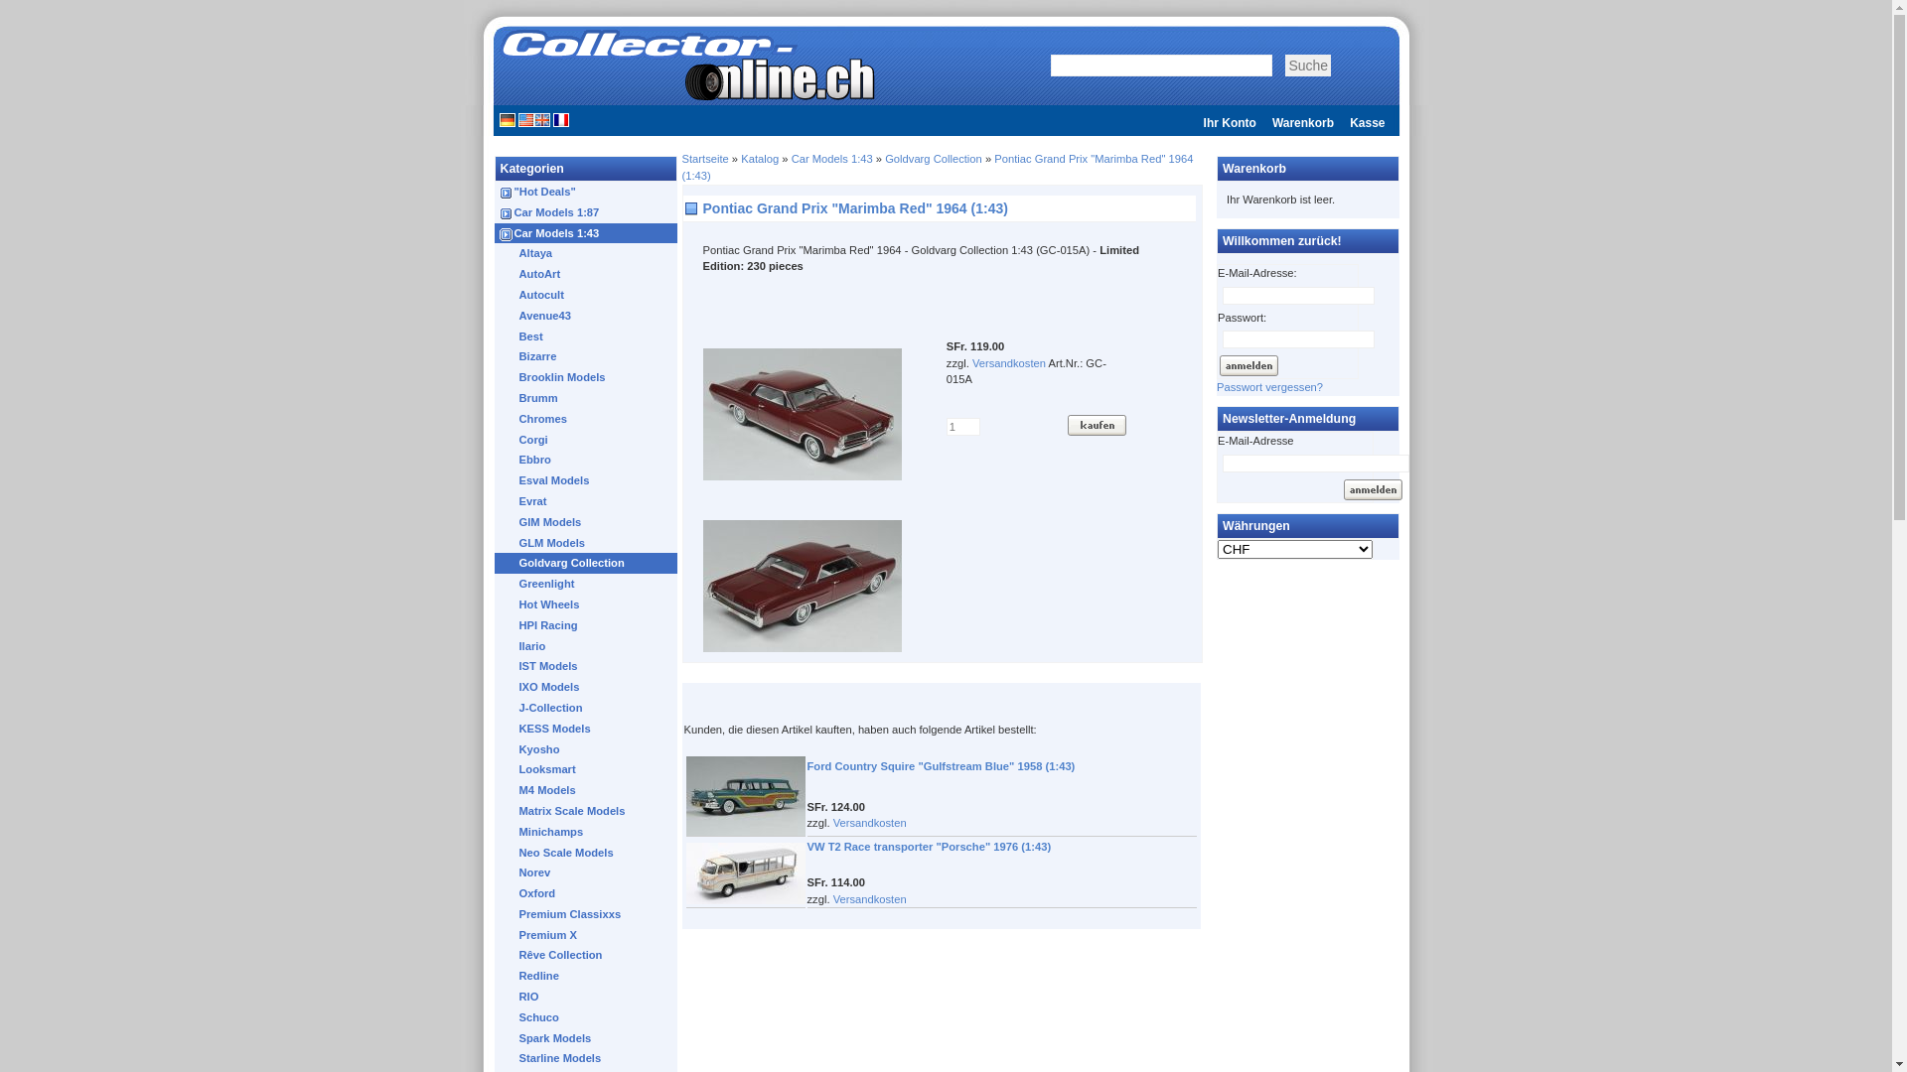  Describe the element at coordinates (588, 1037) in the screenshot. I see `'Spark Models'` at that location.